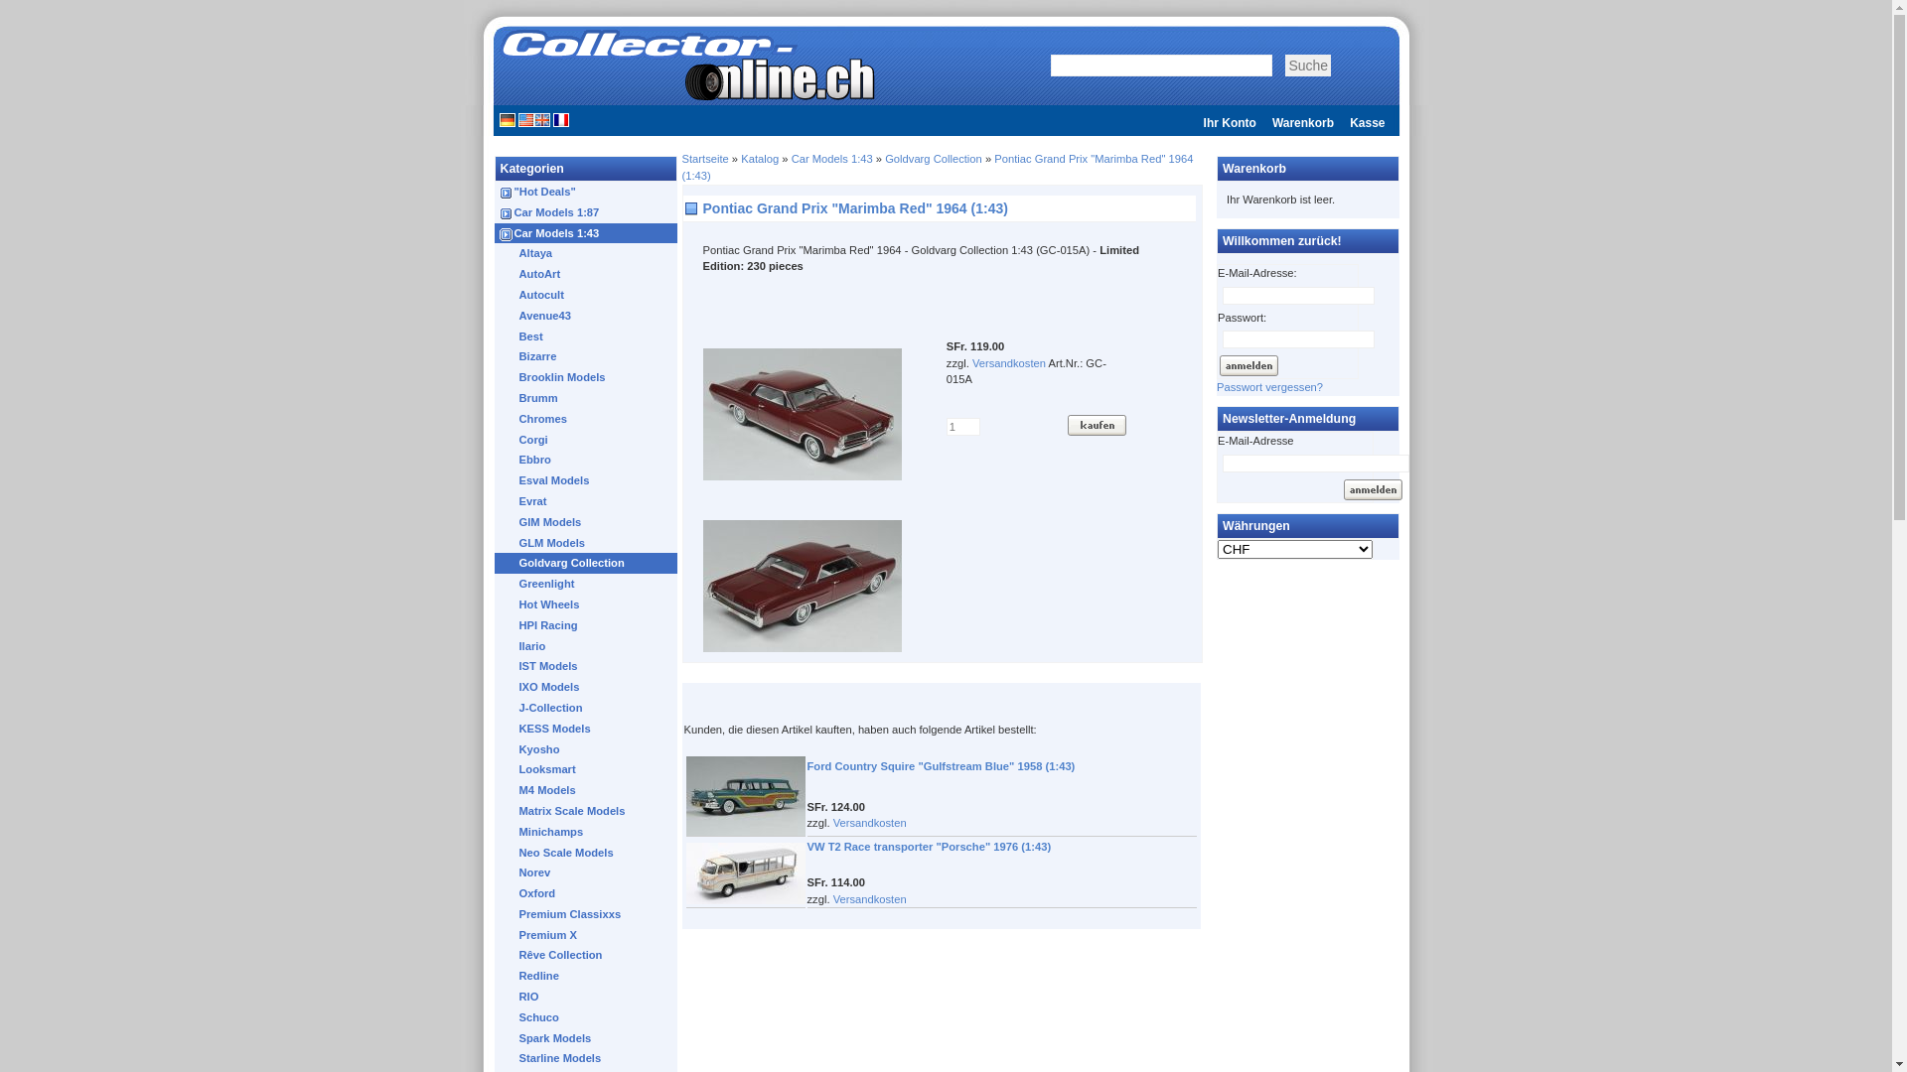  Describe the element at coordinates (588, 1037) in the screenshot. I see `'Spark Models'` at that location.